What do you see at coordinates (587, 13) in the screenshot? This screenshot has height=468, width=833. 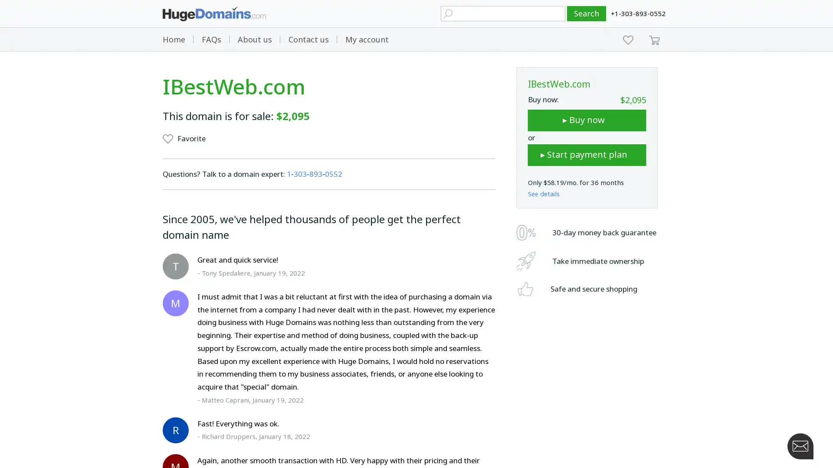 I see `Search` at bounding box center [587, 13].